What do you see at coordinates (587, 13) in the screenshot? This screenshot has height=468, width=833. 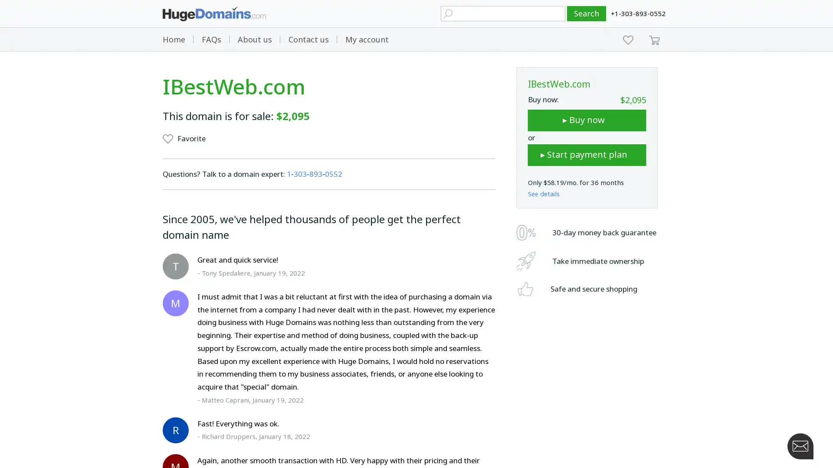 I see `Search` at bounding box center [587, 13].